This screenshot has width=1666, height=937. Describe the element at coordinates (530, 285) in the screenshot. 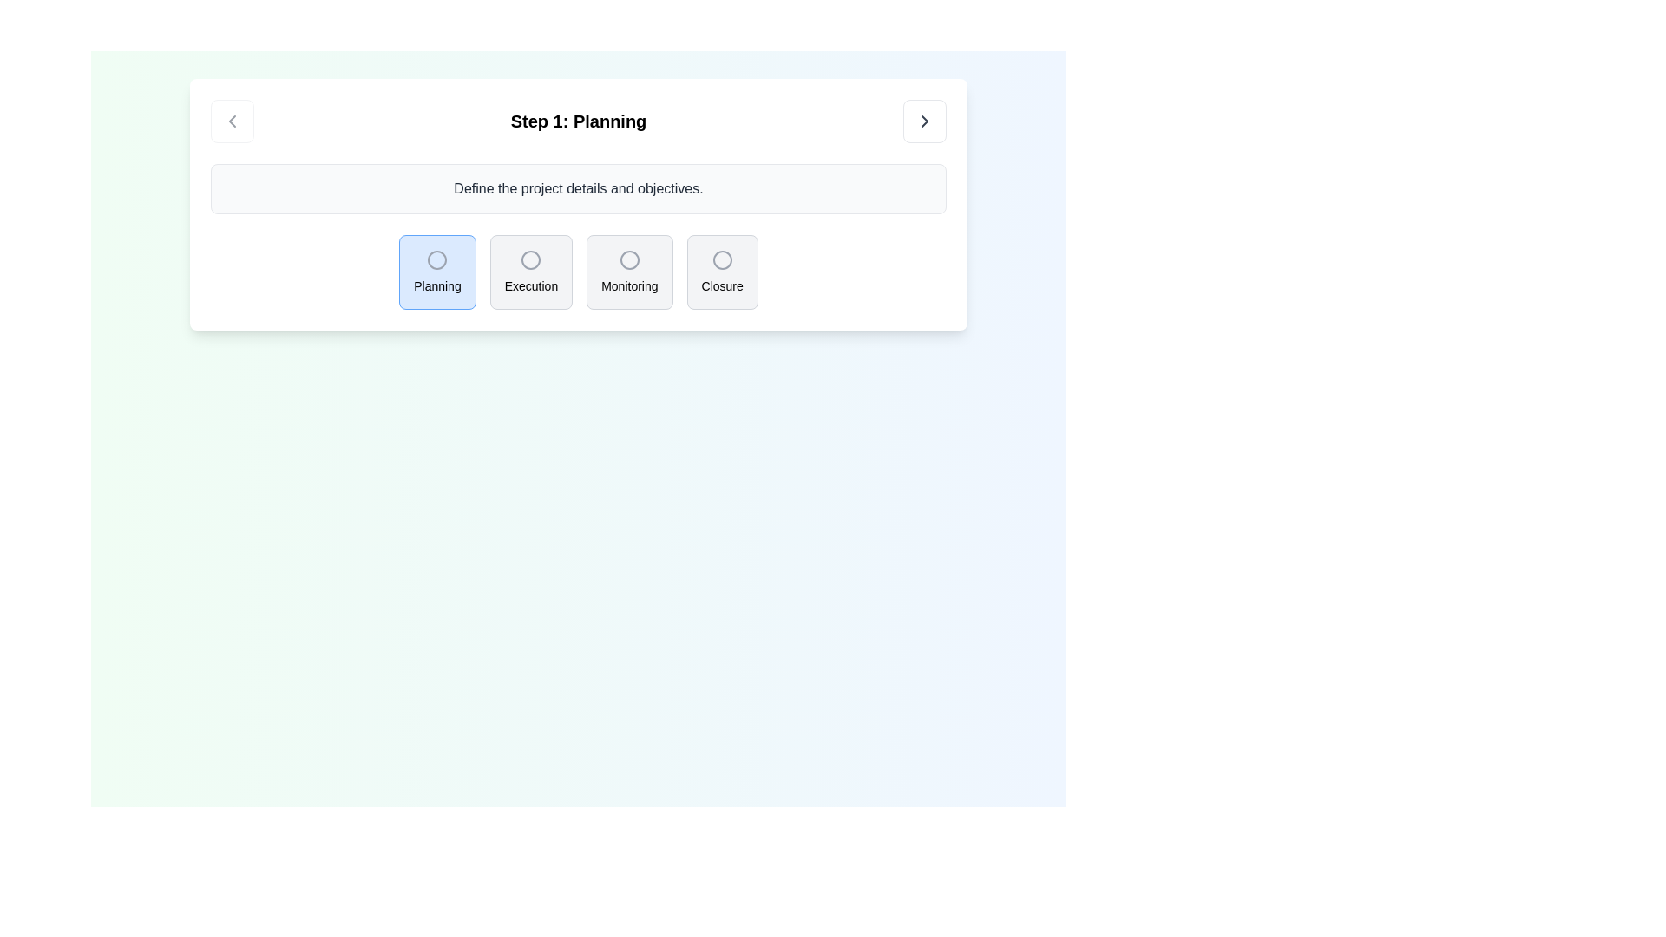

I see `the static label reading 'Execution' located at the center-bottom of the button below the circular icon in the second button from the left under the heading 'Step 1: Planning'` at that location.